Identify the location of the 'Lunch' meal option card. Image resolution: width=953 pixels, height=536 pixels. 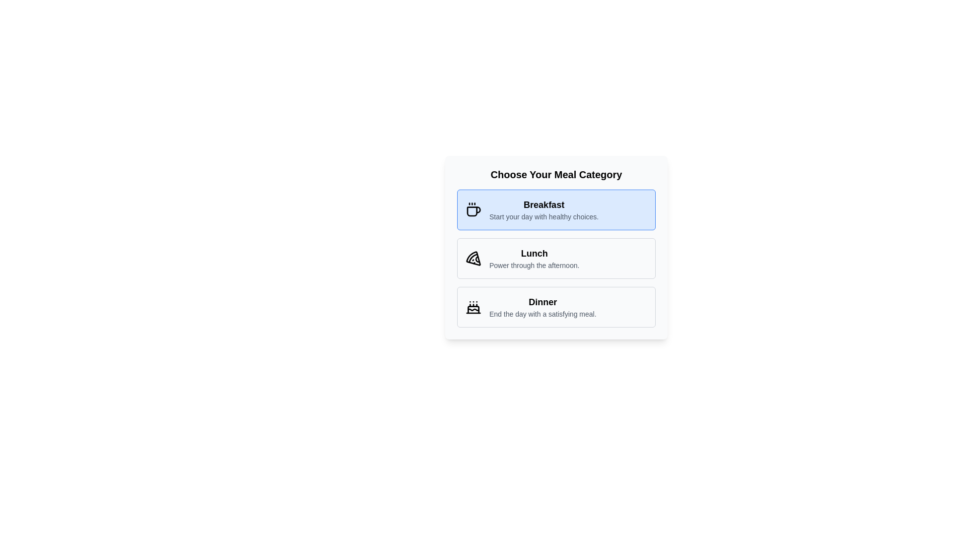
(556, 258).